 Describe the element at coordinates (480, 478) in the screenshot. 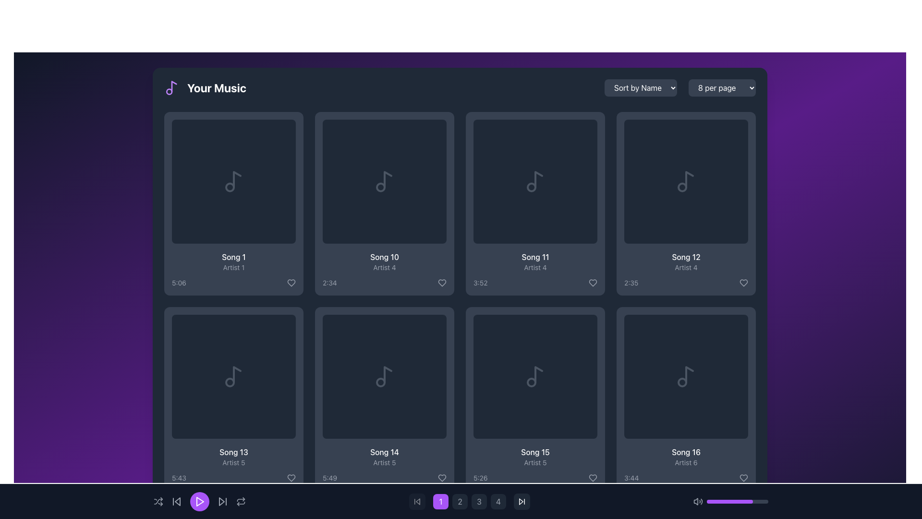

I see `the numeric time indicator displaying '5:26' located in the bottom-right corner of the album item for 'Song 15'` at that location.